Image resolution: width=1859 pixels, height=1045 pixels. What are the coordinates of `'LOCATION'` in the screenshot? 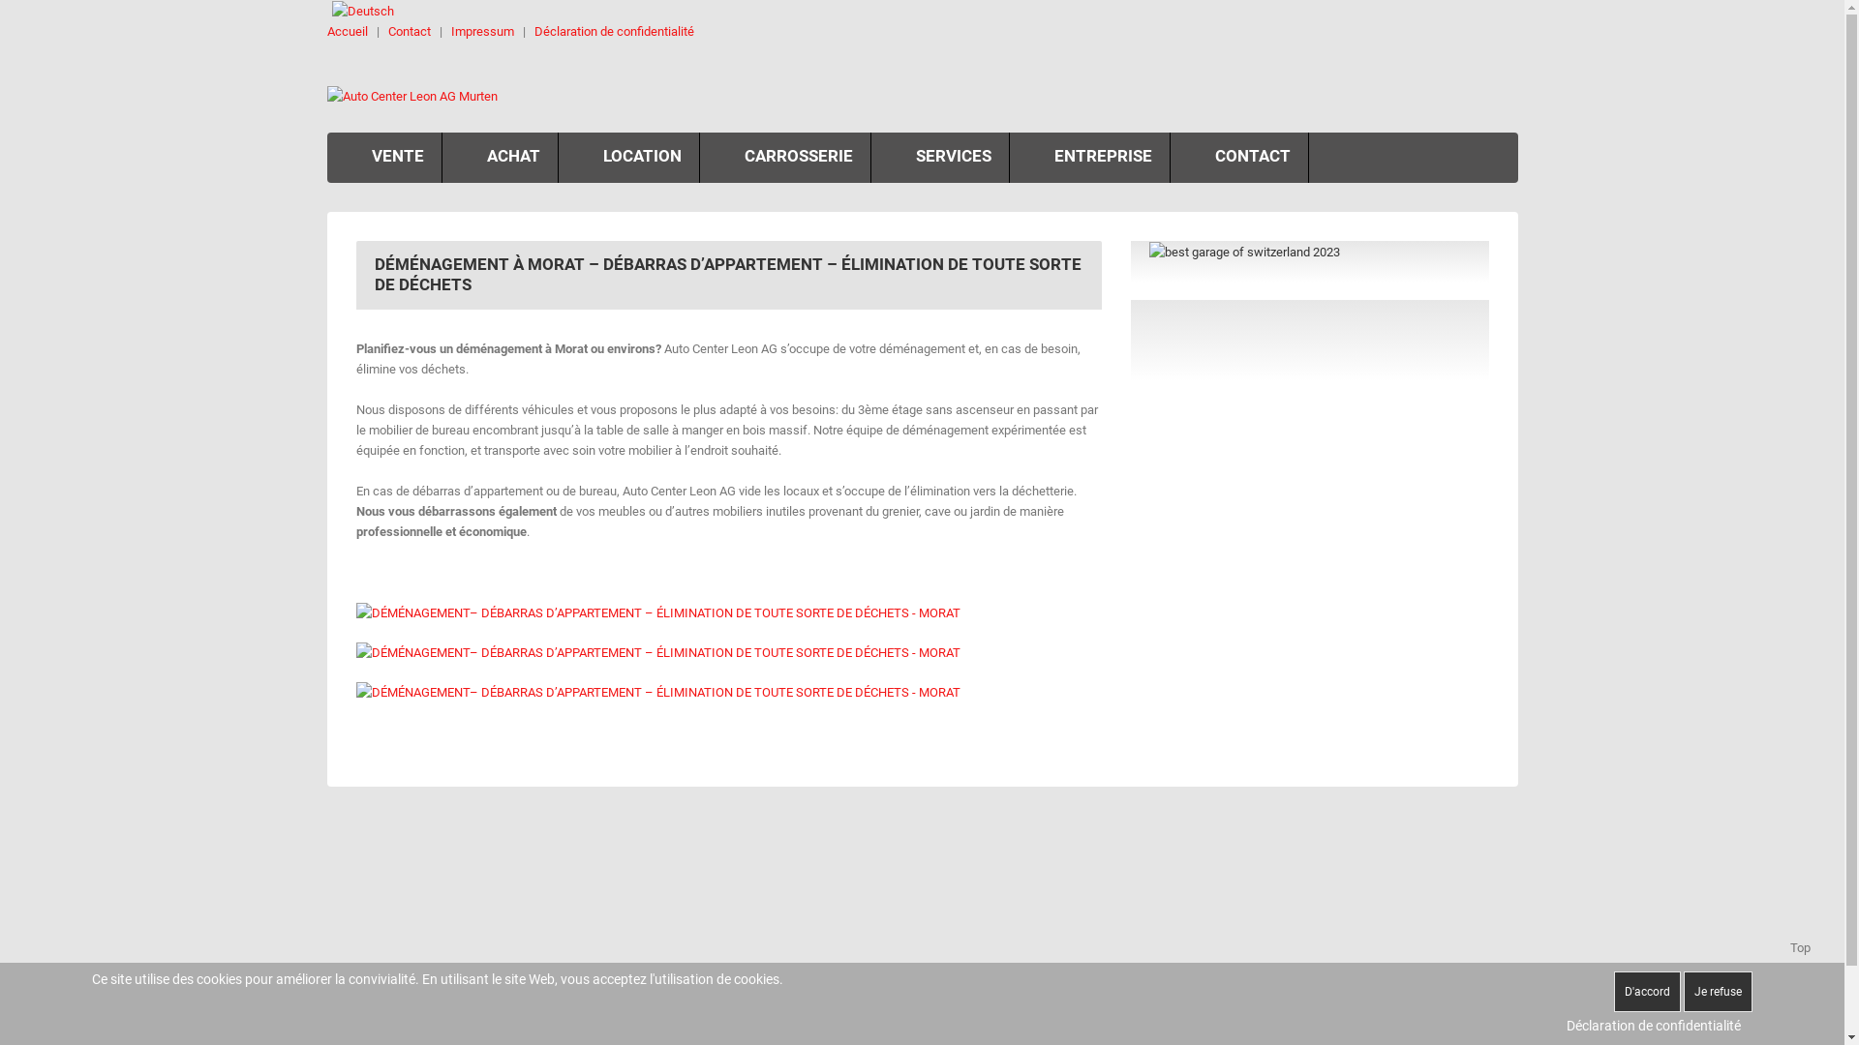 It's located at (627, 156).